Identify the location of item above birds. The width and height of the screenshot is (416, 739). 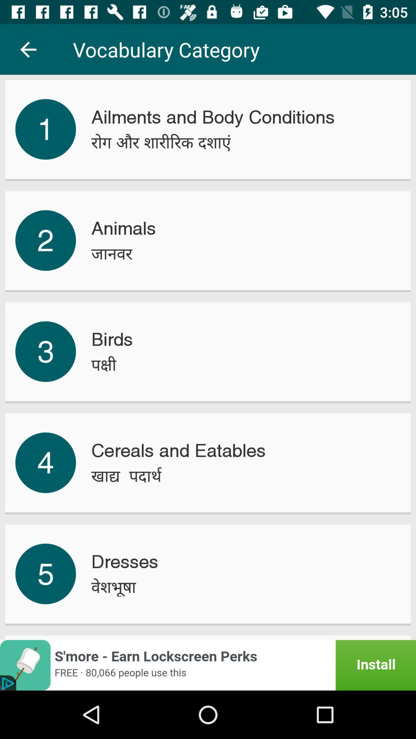
(112, 254).